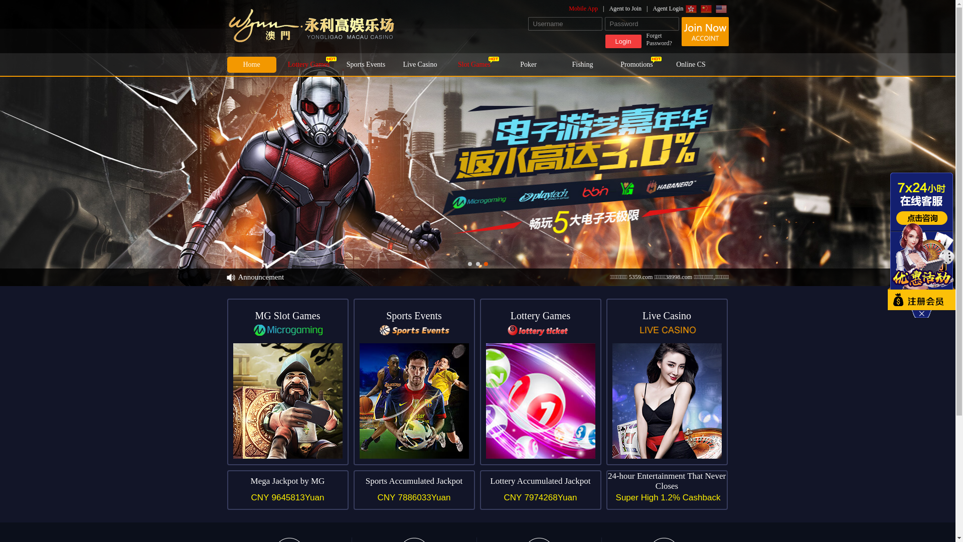 This screenshot has height=542, width=963. Describe the element at coordinates (630, 8) in the screenshot. I see `'Agent to Join'` at that location.